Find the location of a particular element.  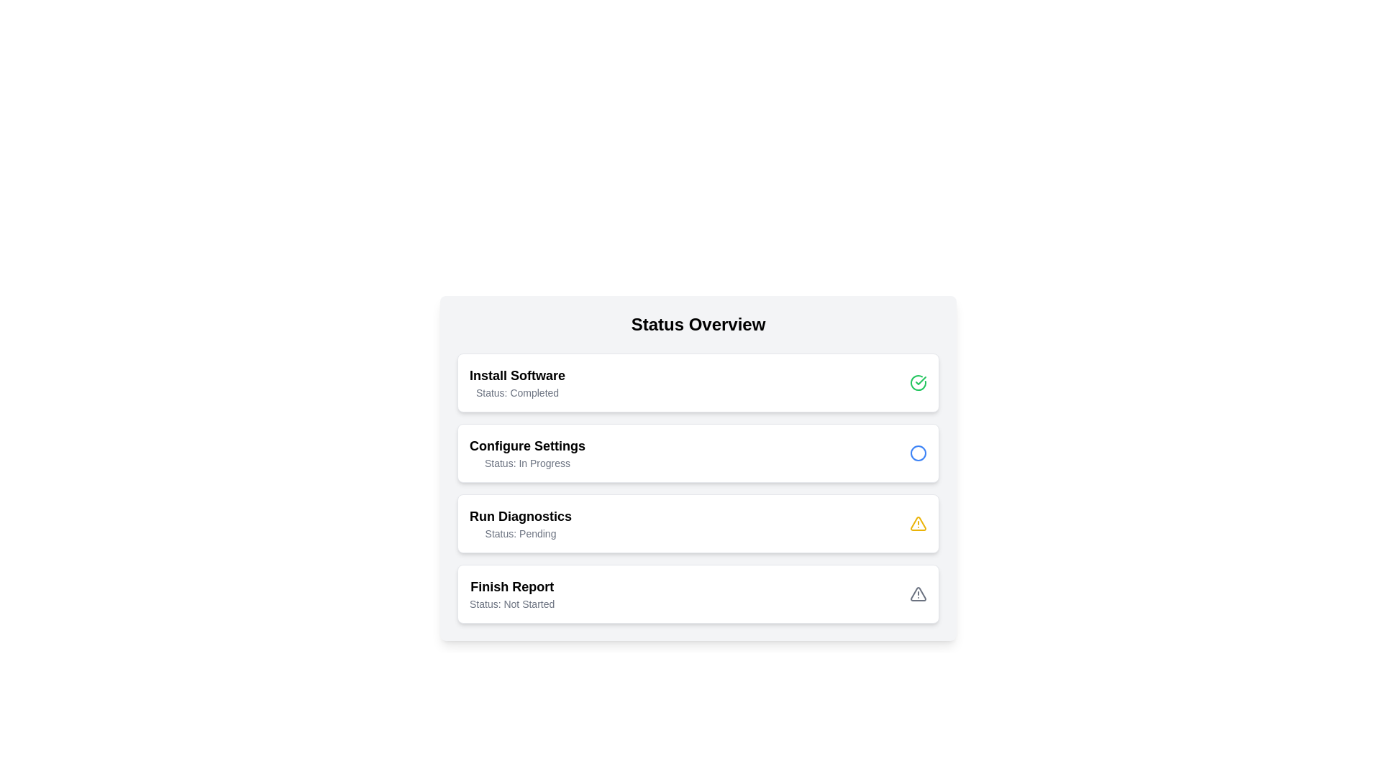

the green checkmark icon located at the center-right of the 'Install Software' status card in the first panel of the status overview is located at coordinates (921, 379).